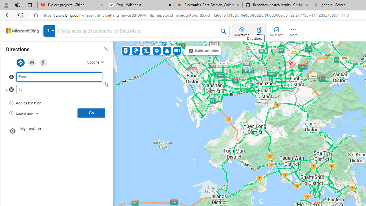 This screenshot has width=366, height=206. I want to click on 'Leave now', so click(23, 113).